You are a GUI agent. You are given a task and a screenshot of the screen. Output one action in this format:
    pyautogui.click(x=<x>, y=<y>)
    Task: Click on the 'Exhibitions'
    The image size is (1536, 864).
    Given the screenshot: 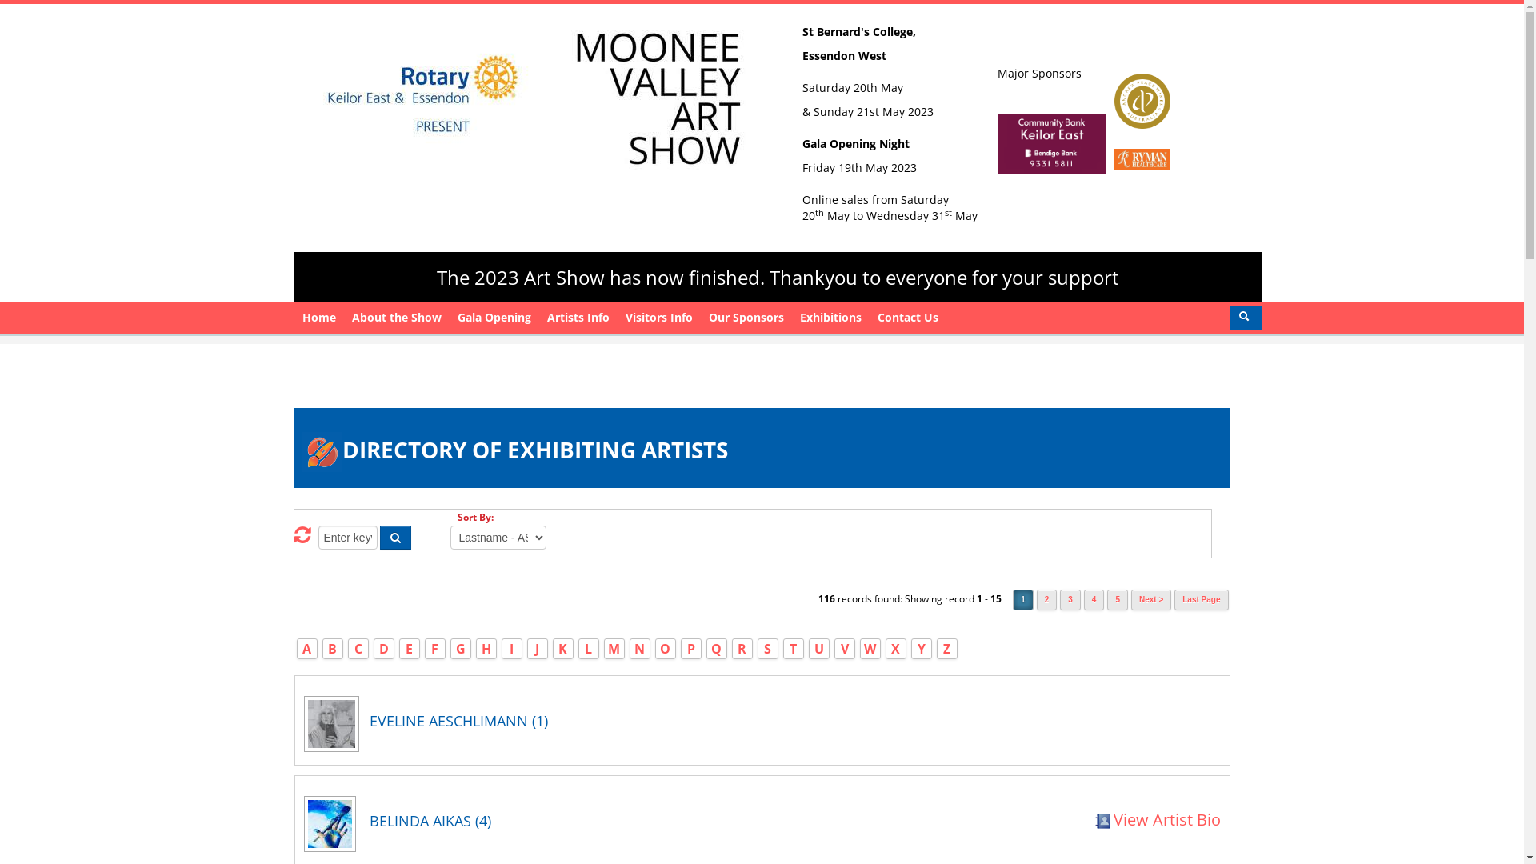 What is the action you would take?
    pyautogui.click(x=830, y=318)
    